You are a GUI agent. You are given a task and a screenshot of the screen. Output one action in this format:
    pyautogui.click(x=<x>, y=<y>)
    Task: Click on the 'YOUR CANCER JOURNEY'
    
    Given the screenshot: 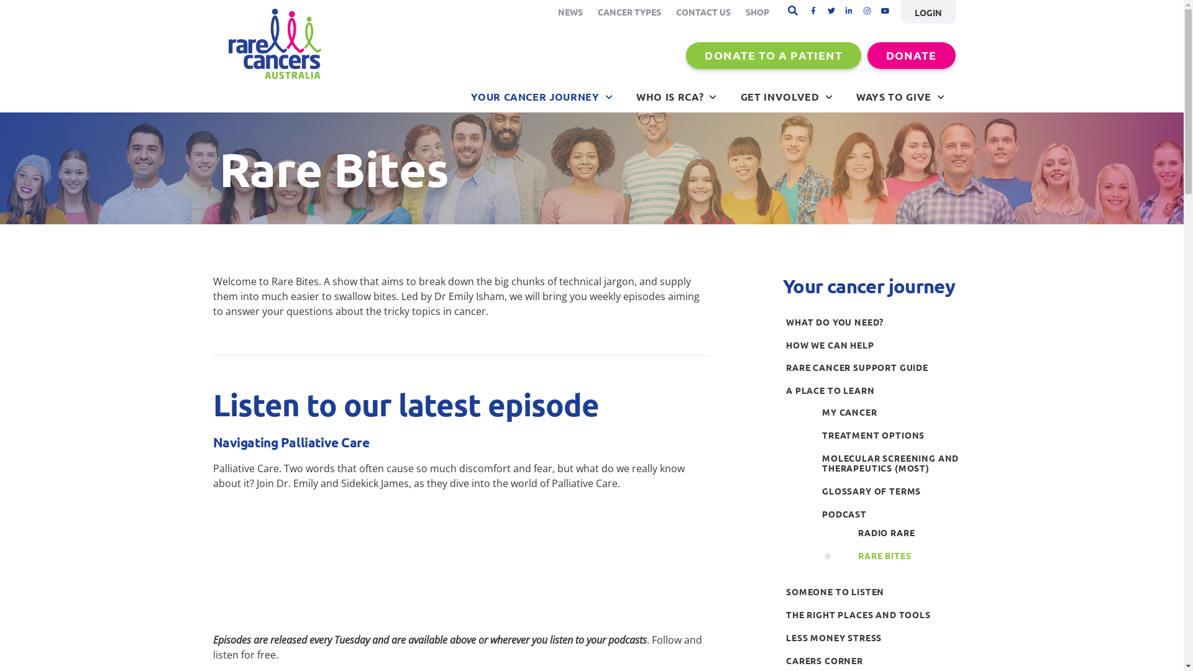 What is the action you would take?
    pyautogui.click(x=542, y=96)
    